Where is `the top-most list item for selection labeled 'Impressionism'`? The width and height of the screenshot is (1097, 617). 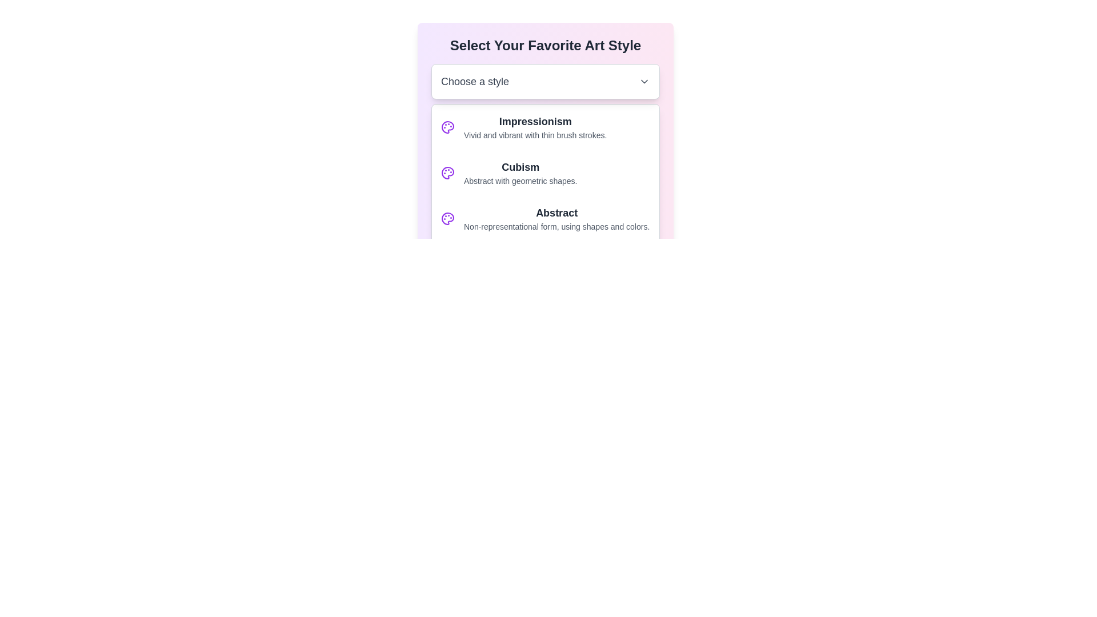 the top-most list item for selection labeled 'Impressionism' is located at coordinates (545, 127).